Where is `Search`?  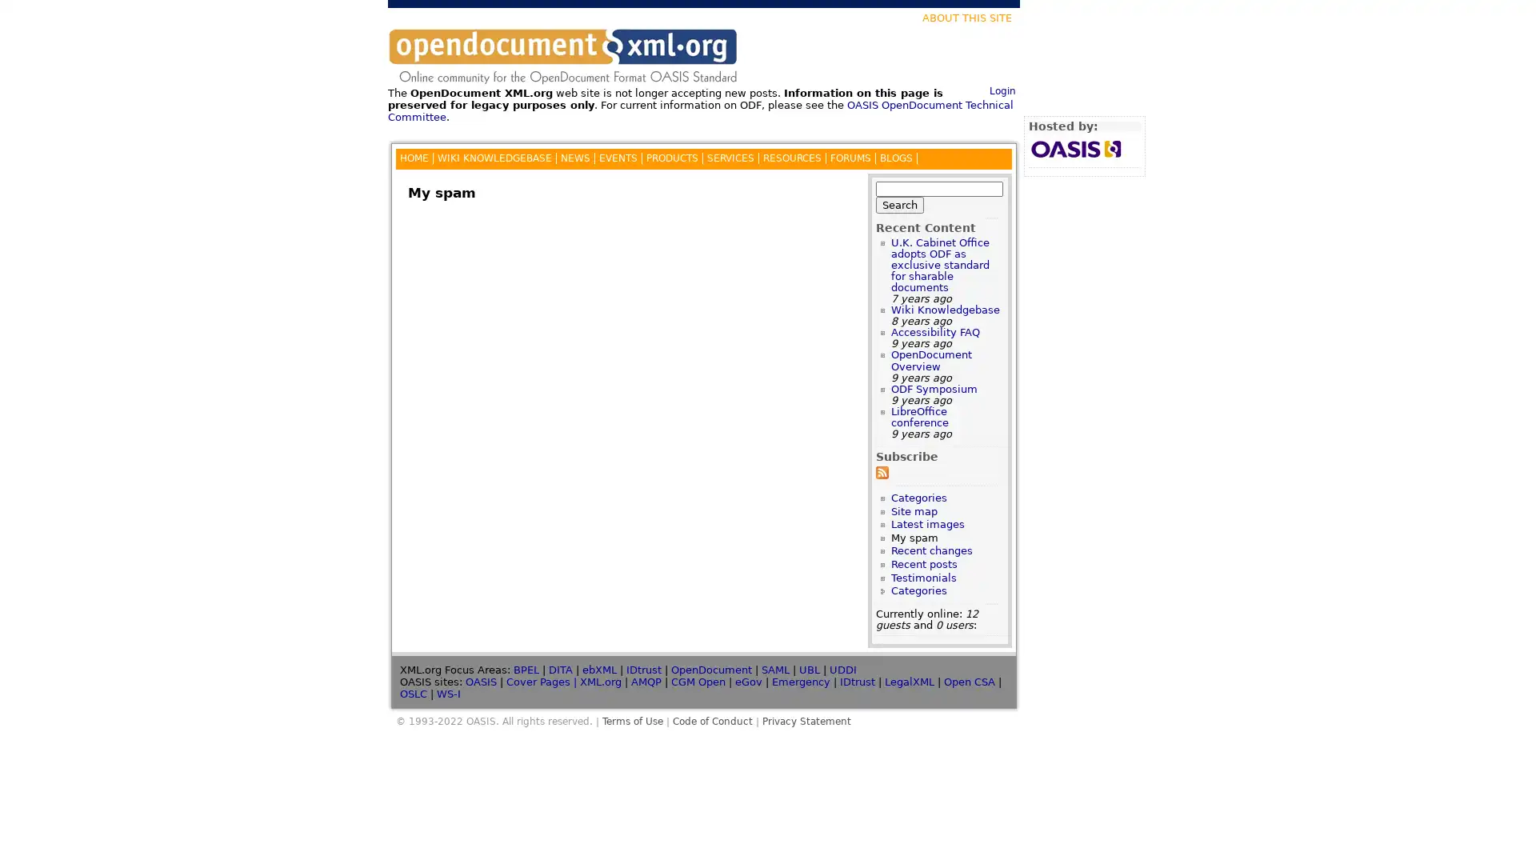
Search is located at coordinates (899, 203).